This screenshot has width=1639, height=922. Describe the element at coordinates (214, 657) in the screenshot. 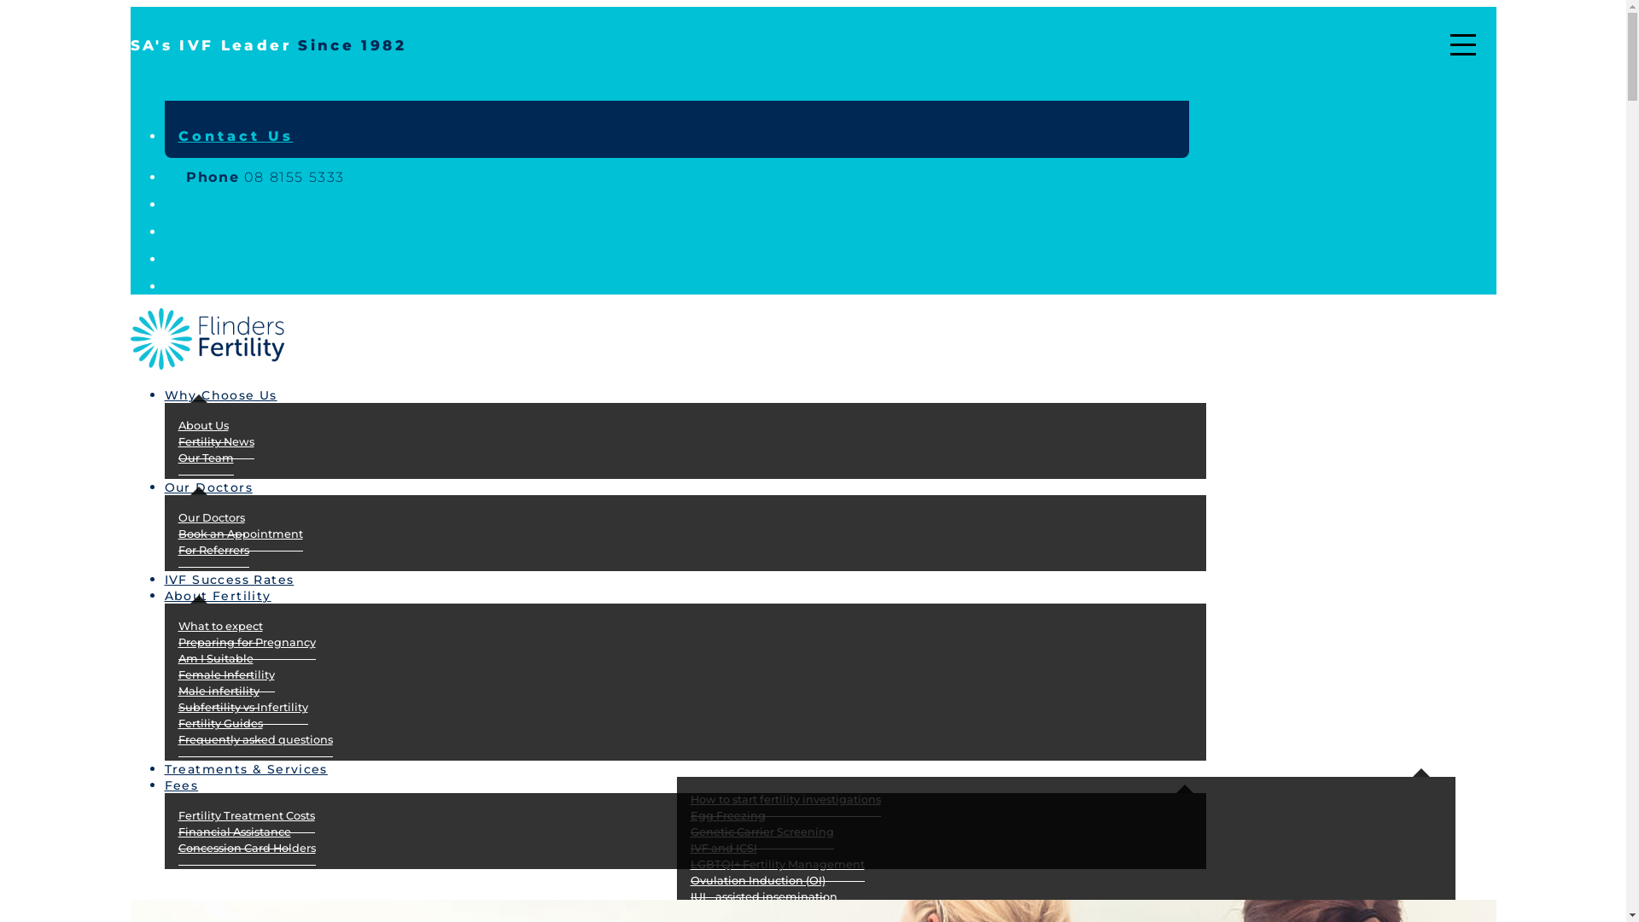

I see `'Am I Suitable'` at that location.